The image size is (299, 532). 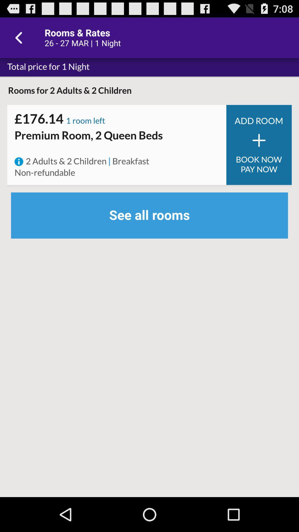 I want to click on icon next to rooms & rates icon, so click(x=20, y=37).